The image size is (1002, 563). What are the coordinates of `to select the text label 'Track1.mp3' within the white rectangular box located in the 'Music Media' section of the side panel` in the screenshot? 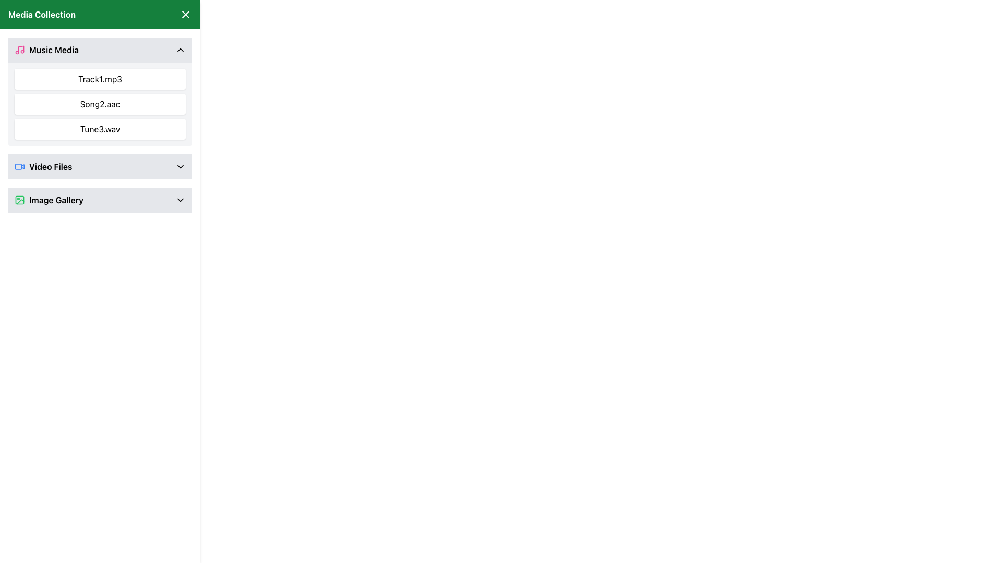 It's located at (100, 78).